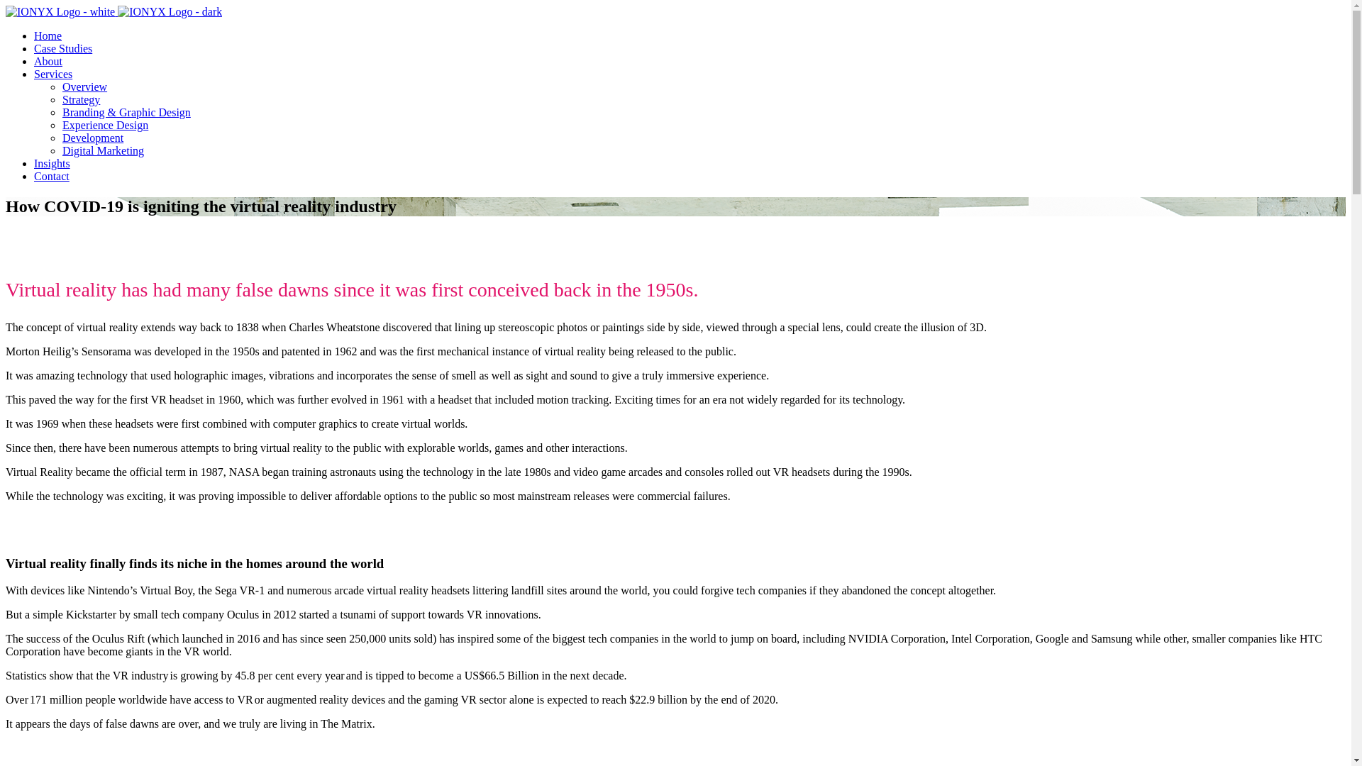 The image size is (1362, 766). I want to click on 'Branding & Graphic Design', so click(126, 111).